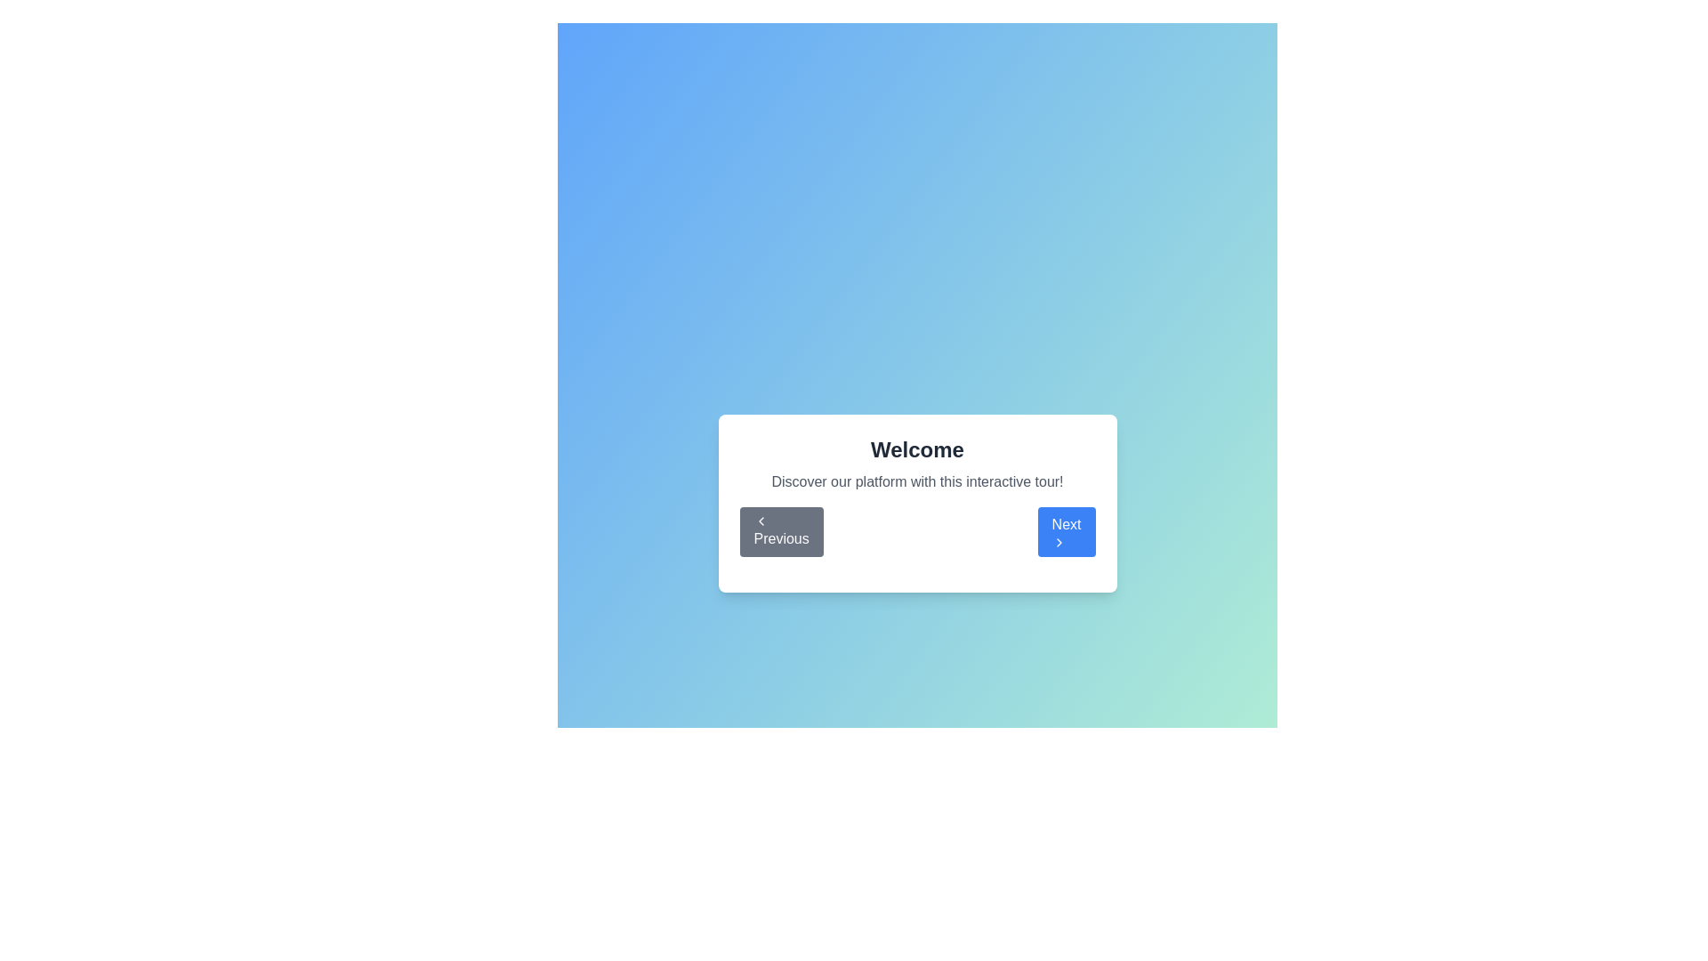  What do you see at coordinates (1059, 541) in the screenshot?
I see `the chevron icon within the 'Next' button located at the bottom-right of the dialog box to indicate progression to the next step` at bounding box center [1059, 541].